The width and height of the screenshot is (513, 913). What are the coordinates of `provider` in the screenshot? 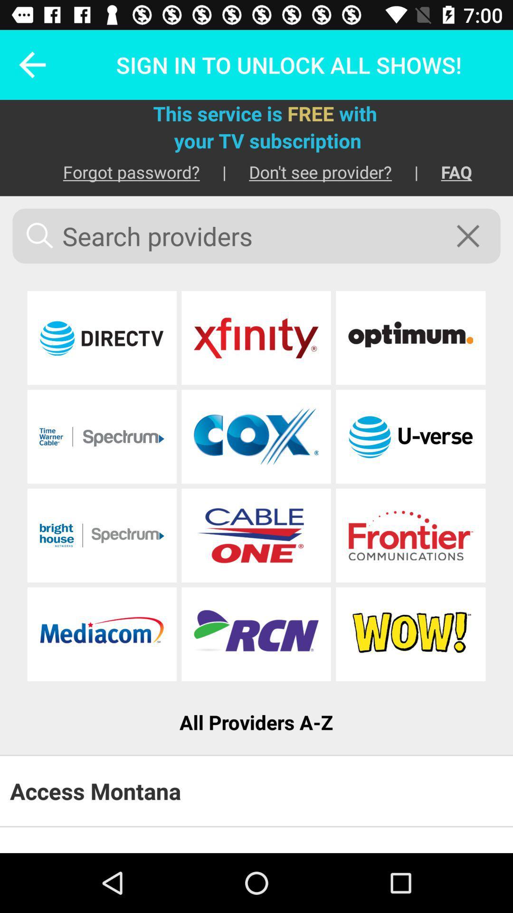 It's located at (410, 535).